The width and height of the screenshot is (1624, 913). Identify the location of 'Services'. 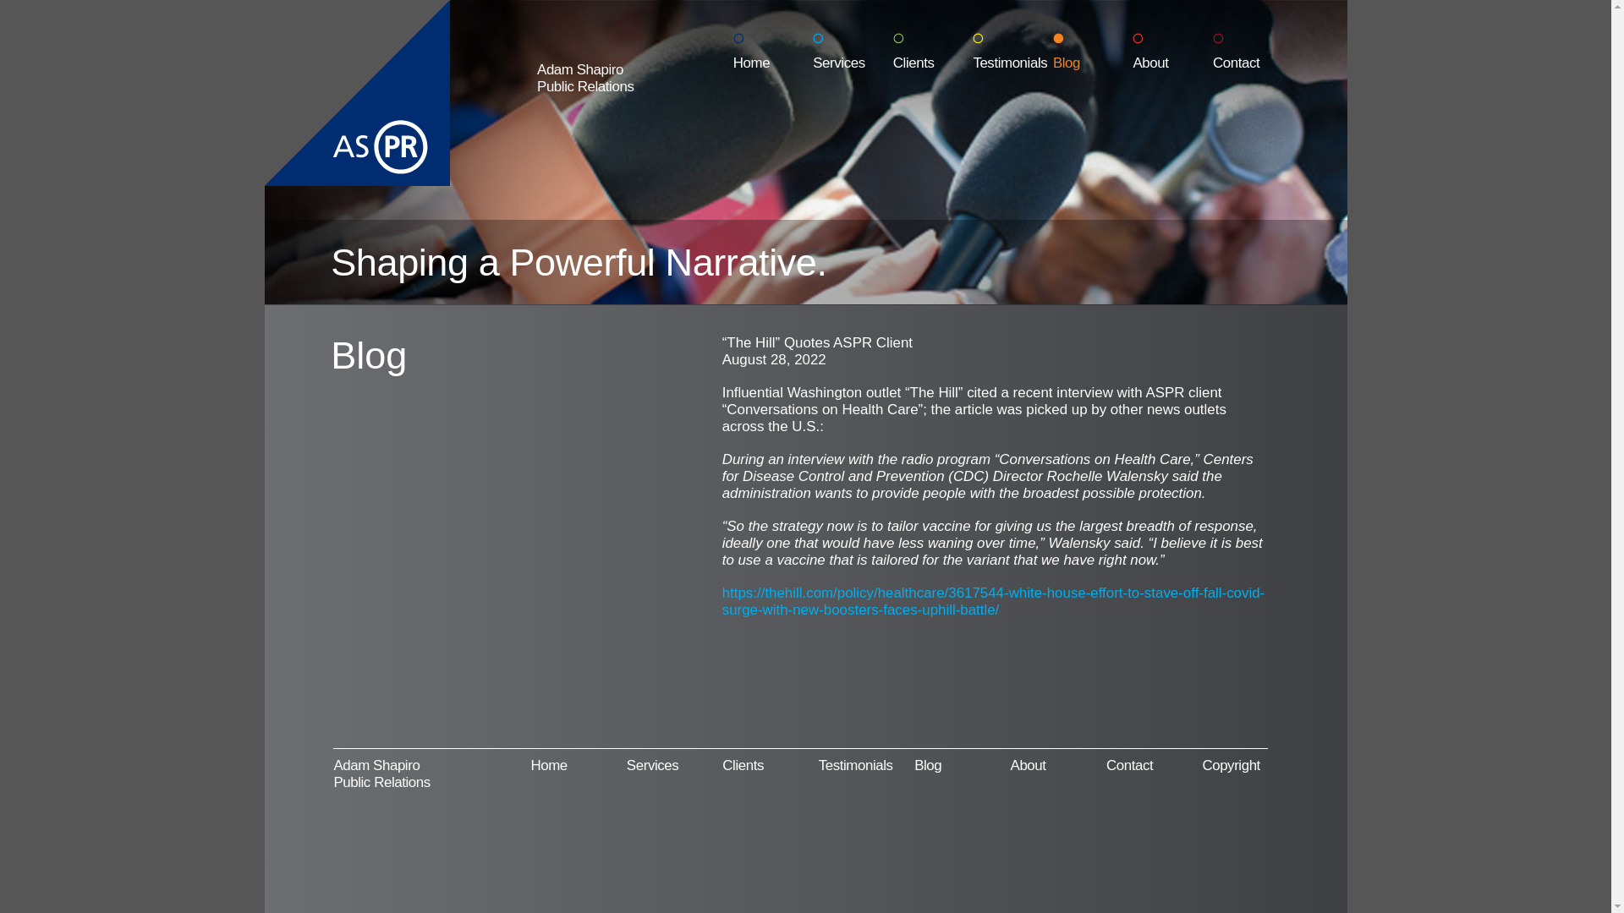
(651, 765).